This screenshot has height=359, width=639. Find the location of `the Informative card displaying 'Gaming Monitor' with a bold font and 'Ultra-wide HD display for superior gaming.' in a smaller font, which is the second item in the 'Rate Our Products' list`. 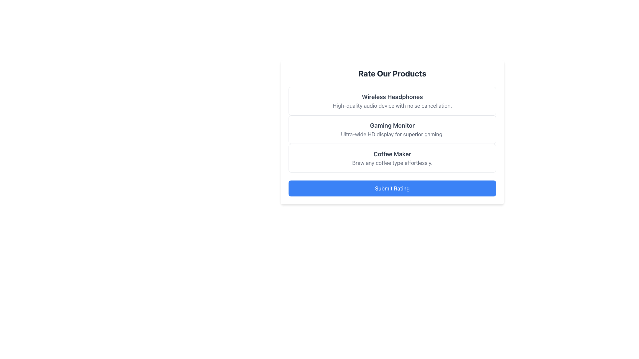

the Informative card displaying 'Gaming Monitor' with a bold font and 'Ultra-wide HD display for superior gaming.' in a smaller font, which is the second item in the 'Rate Our Products' list is located at coordinates (392, 129).